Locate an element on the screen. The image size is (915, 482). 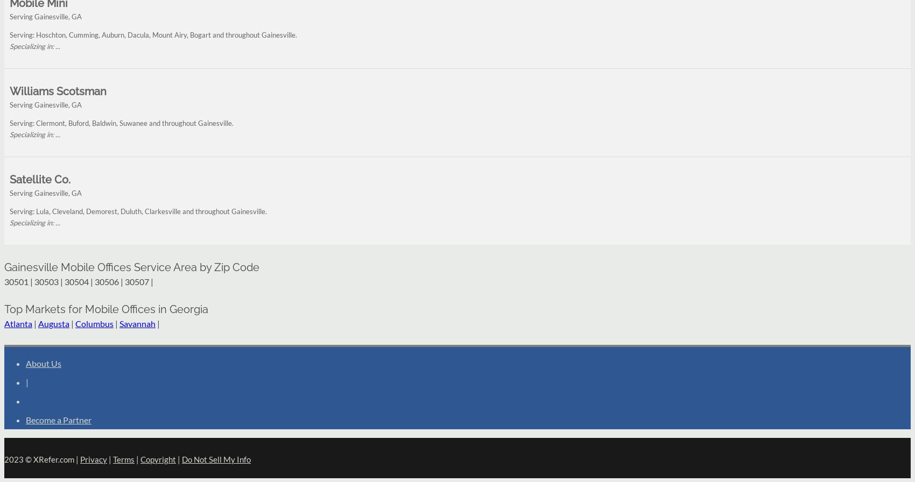
'Augusta' is located at coordinates (53, 323).